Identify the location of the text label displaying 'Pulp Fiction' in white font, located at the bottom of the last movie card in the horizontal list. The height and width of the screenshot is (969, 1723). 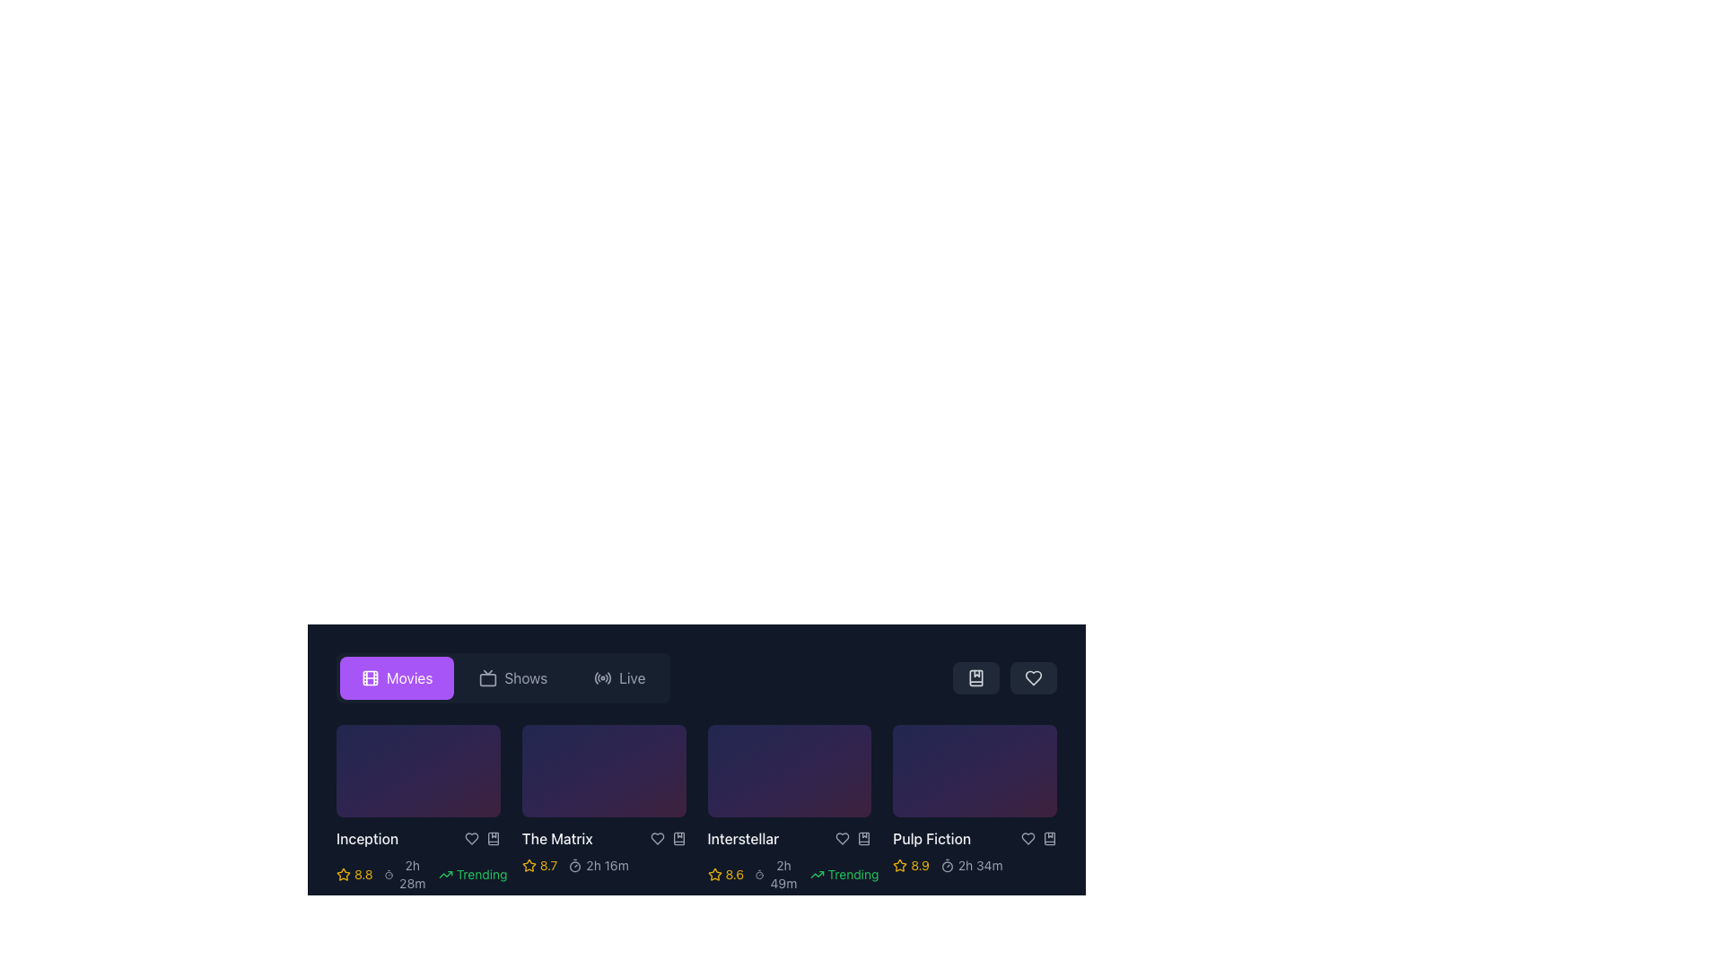
(931, 838).